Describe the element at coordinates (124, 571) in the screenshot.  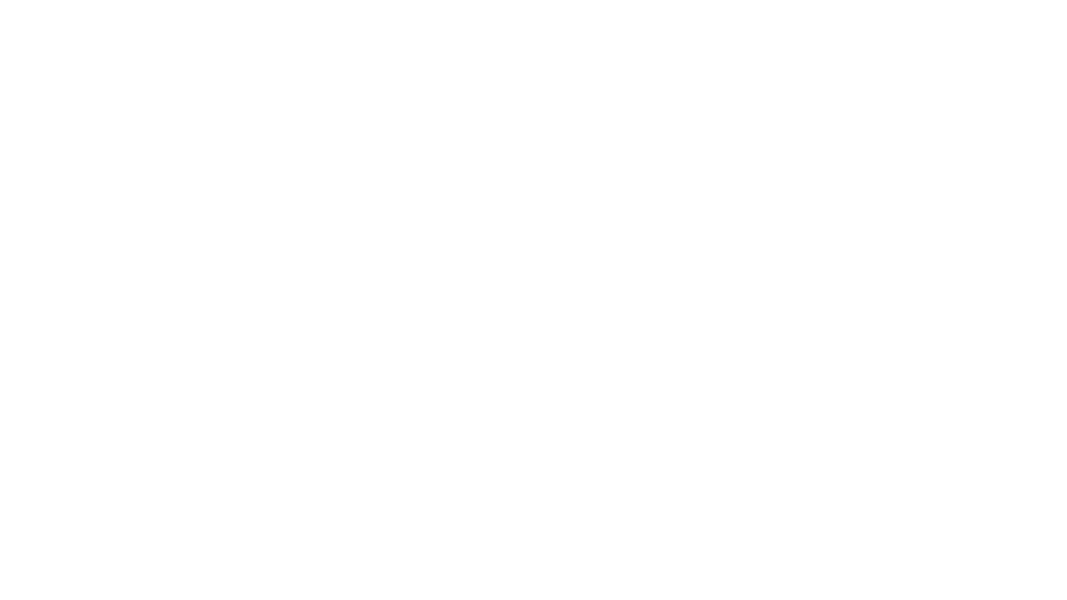
I see `Expand Life Sciences` at that location.